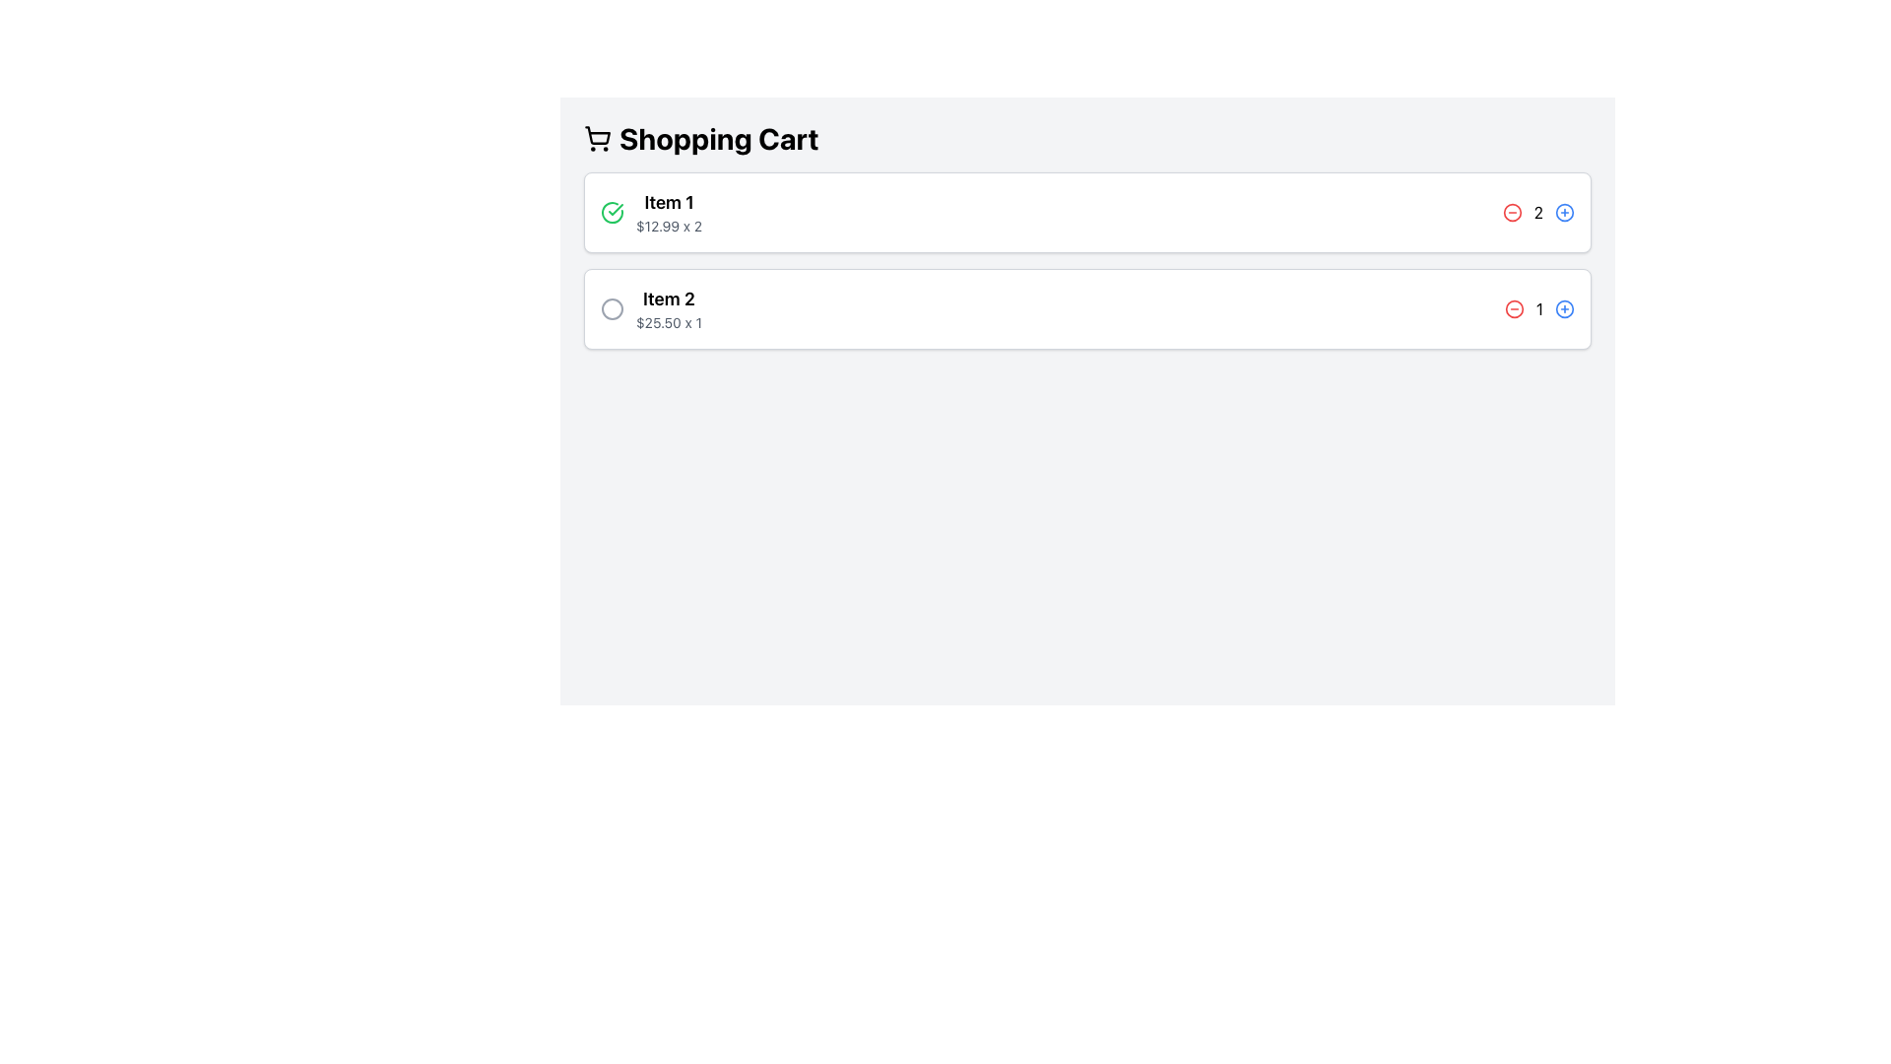 Image resolution: width=1891 pixels, height=1064 pixels. I want to click on the static text displaying the quantity of 'Item 1' in the shopping cart, located between the red '-' icon and the blue '+' icon, so click(1537, 213).